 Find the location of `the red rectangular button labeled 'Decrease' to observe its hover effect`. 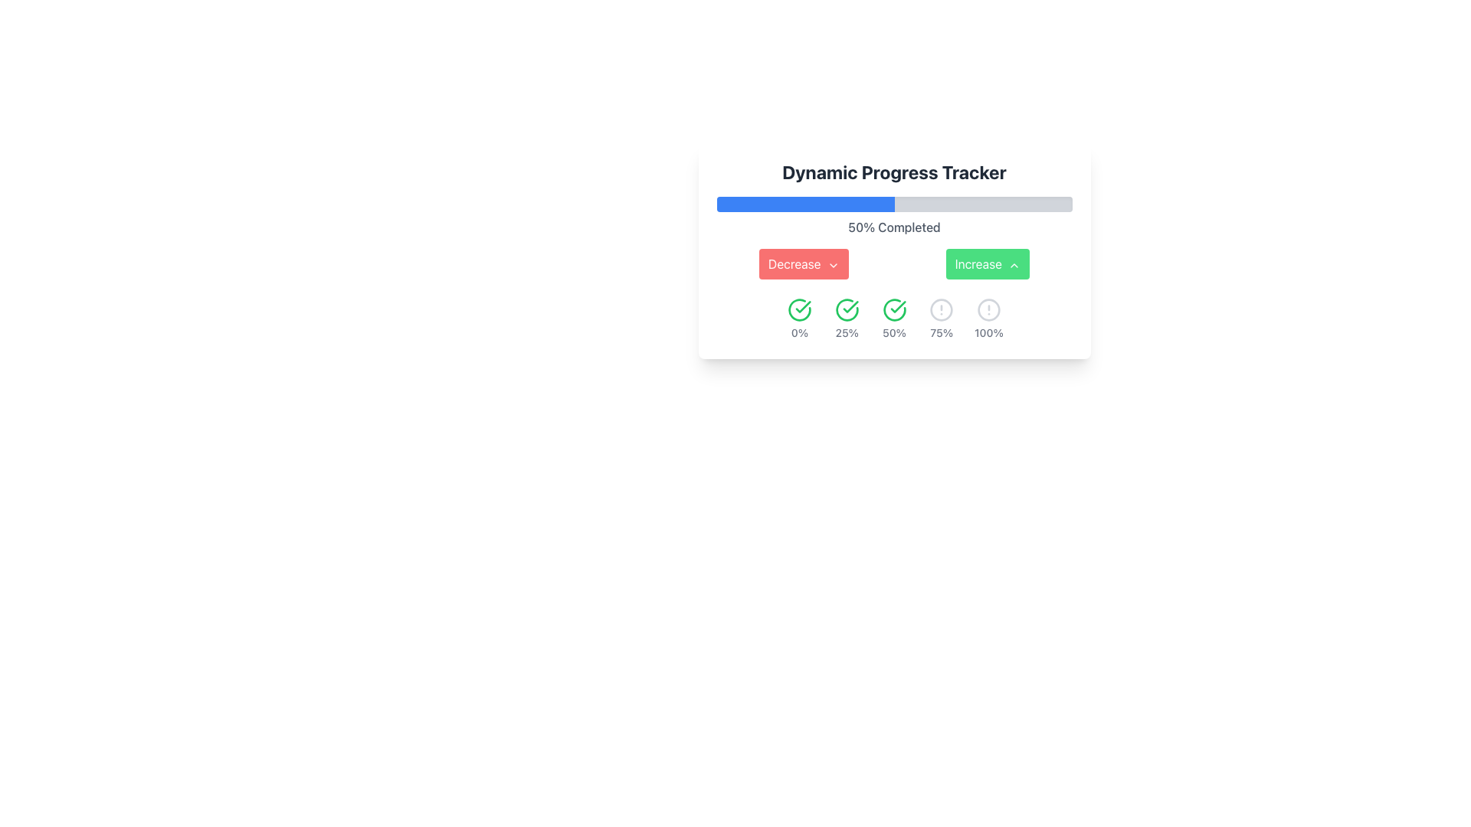

the red rectangular button labeled 'Decrease' to observe its hover effect is located at coordinates (803, 263).